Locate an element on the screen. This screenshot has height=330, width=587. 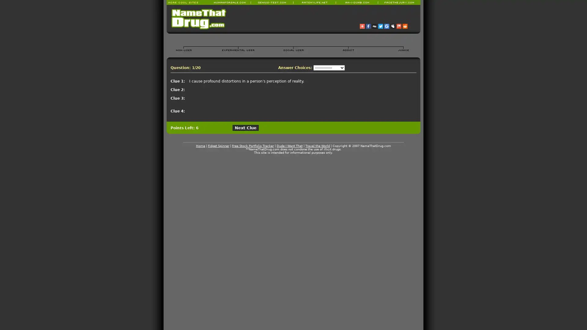
Next Clue is located at coordinates (246, 127).